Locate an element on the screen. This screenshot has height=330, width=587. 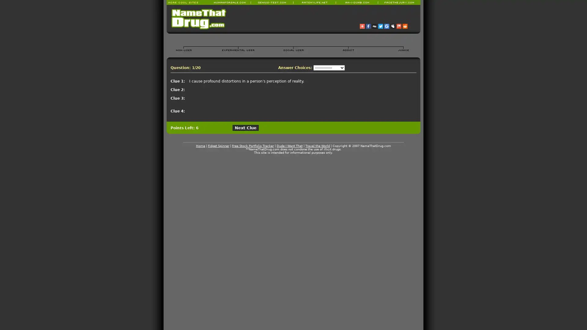
Next Clue is located at coordinates (246, 127).